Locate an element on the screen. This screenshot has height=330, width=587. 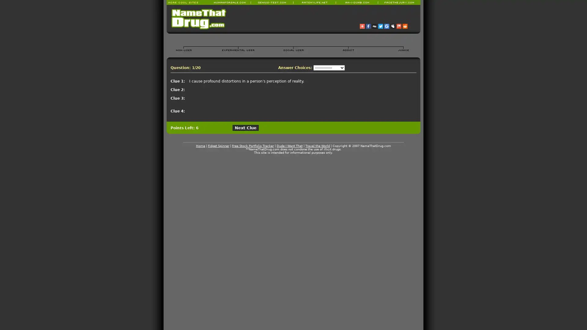
Next Clue is located at coordinates (246, 127).